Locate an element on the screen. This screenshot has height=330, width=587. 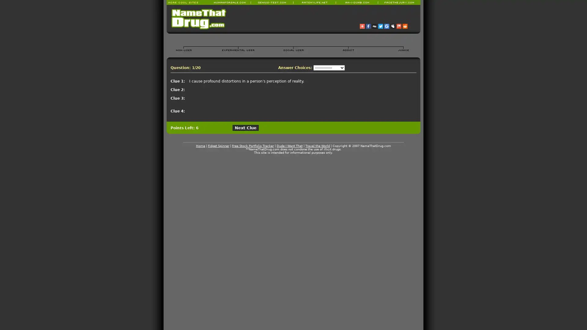
Next Clue is located at coordinates (246, 127).